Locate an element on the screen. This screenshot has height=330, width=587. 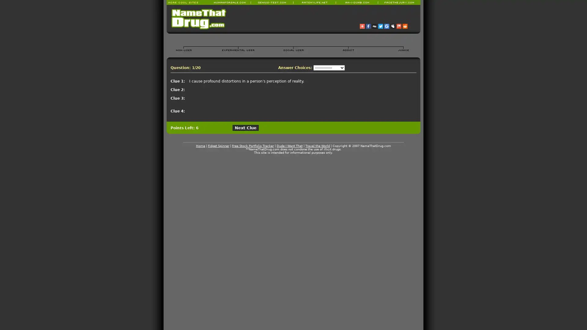
Next Clue is located at coordinates (246, 127).